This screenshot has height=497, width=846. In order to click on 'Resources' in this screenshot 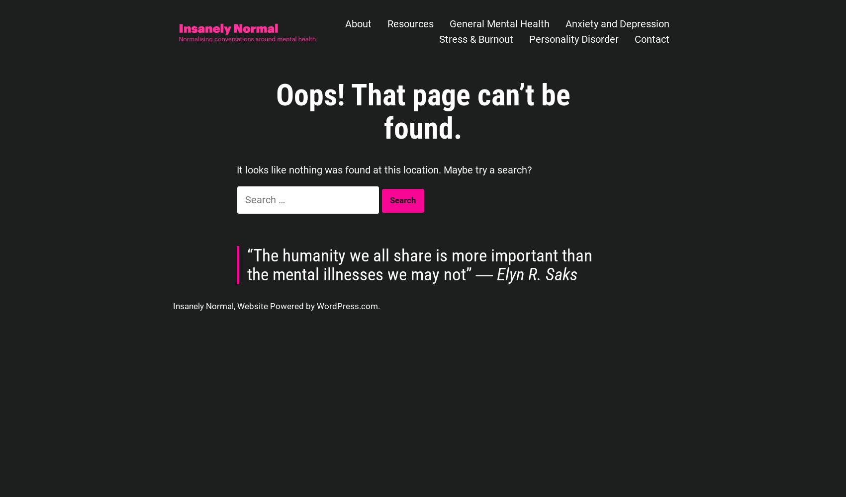, I will do `click(410, 24)`.